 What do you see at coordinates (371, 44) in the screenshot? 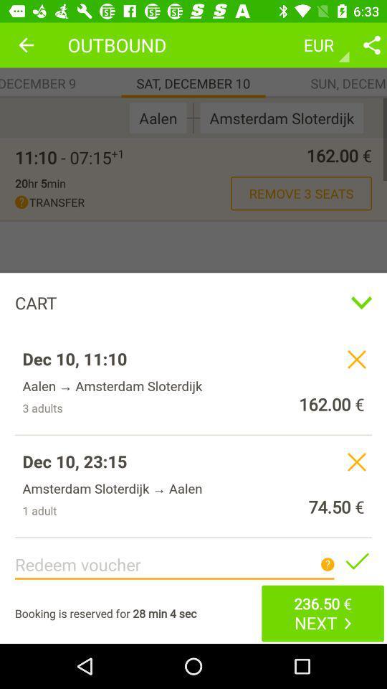
I see `setting` at bounding box center [371, 44].